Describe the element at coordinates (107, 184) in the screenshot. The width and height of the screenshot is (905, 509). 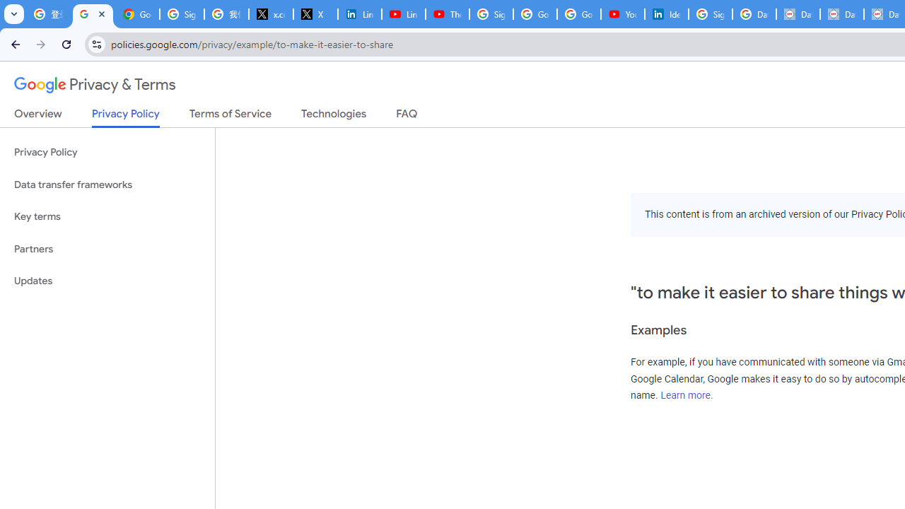
I see `'Data transfer frameworks'` at that location.